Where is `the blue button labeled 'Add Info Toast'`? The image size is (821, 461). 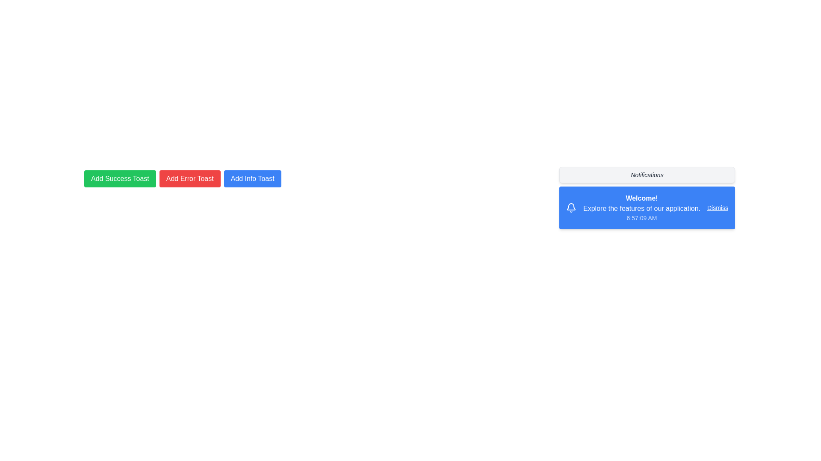
the blue button labeled 'Add Info Toast' is located at coordinates (252, 178).